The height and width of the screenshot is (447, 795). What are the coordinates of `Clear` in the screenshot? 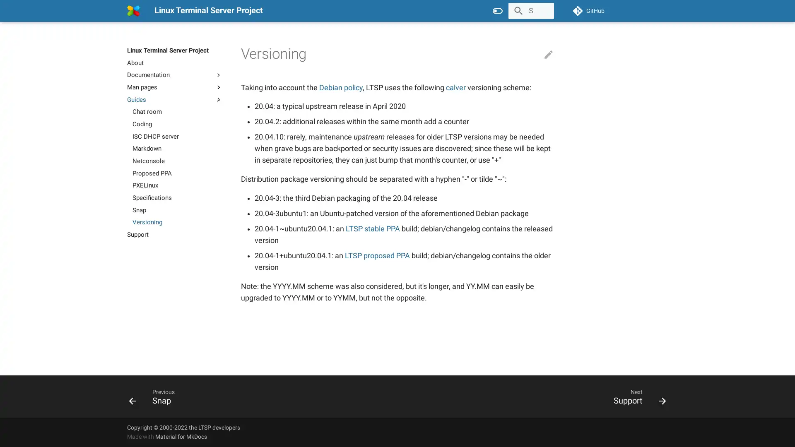 It's located at (544, 11).